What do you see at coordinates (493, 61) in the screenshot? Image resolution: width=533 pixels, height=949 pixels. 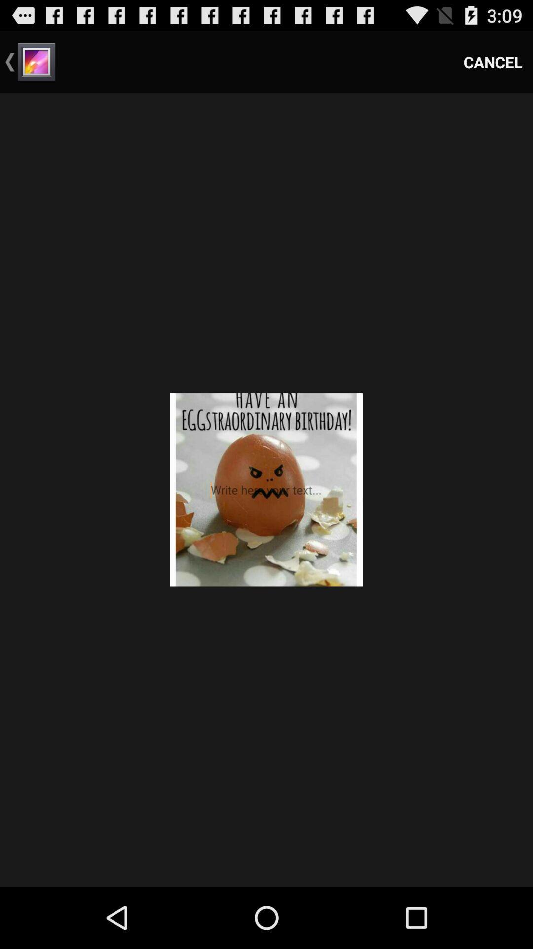 I see `the item at the top right corner` at bounding box center [493, 61].